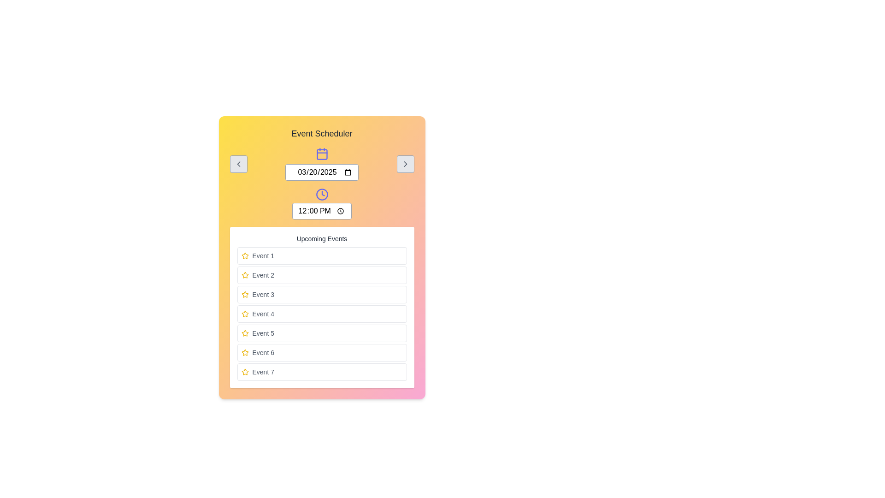 The height and width of the screenshot is (498, 885). What do you see at coordinates (263, 314) in the screenshot?
I see `the static text element representing the name or title of the fourth event in the 'Upcoming Events' list, located between 'Event 3' and 'Event 5'` at bounding box center [263, 314].